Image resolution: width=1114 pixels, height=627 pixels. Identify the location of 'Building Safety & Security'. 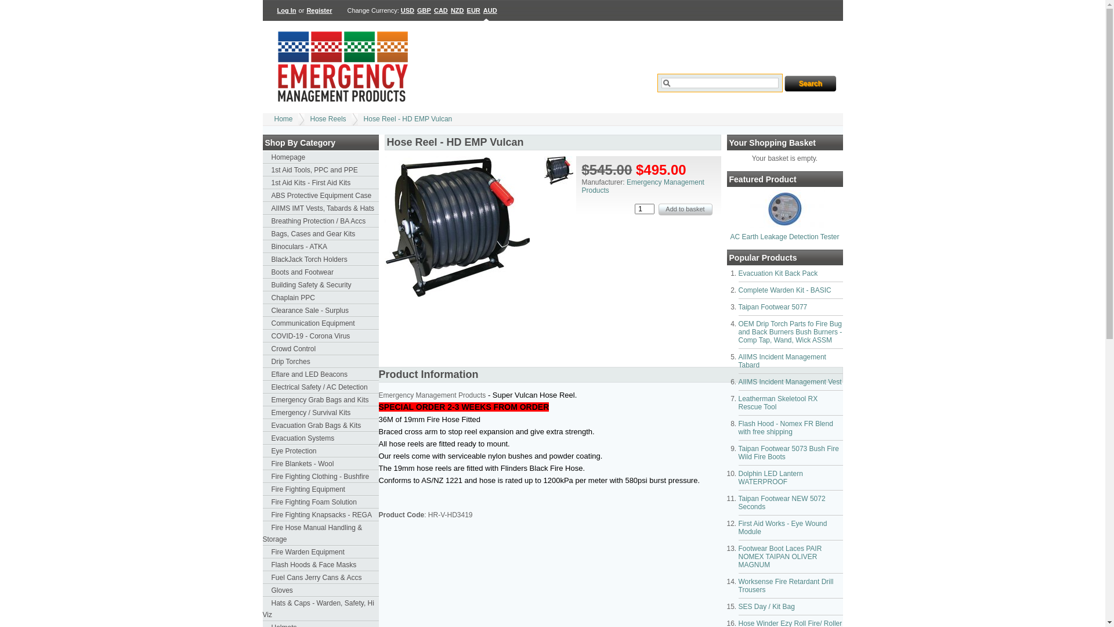
(320, 284).